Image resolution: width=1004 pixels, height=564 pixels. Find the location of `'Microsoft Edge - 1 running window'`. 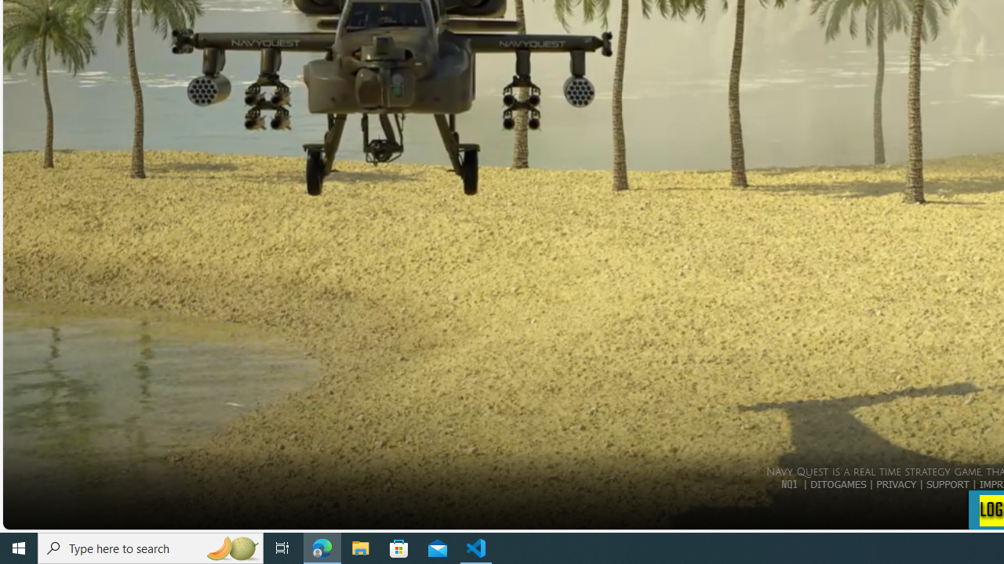

'Microsoft Edge - 1 running window' is located at coordinates (322, 547).